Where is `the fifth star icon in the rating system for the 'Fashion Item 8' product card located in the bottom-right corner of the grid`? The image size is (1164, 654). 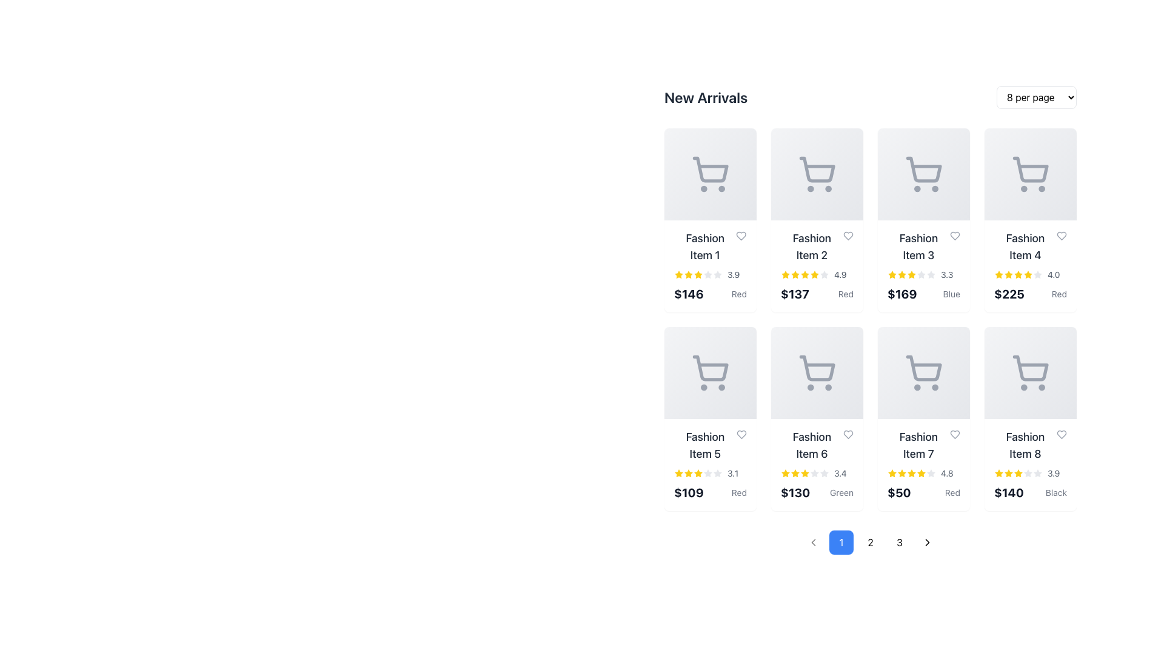 the fifth star icon in the rating system for the 'Fashion Item 8' product card located in the bottom-right corner of the grid is located at coordinates (1018, 473).